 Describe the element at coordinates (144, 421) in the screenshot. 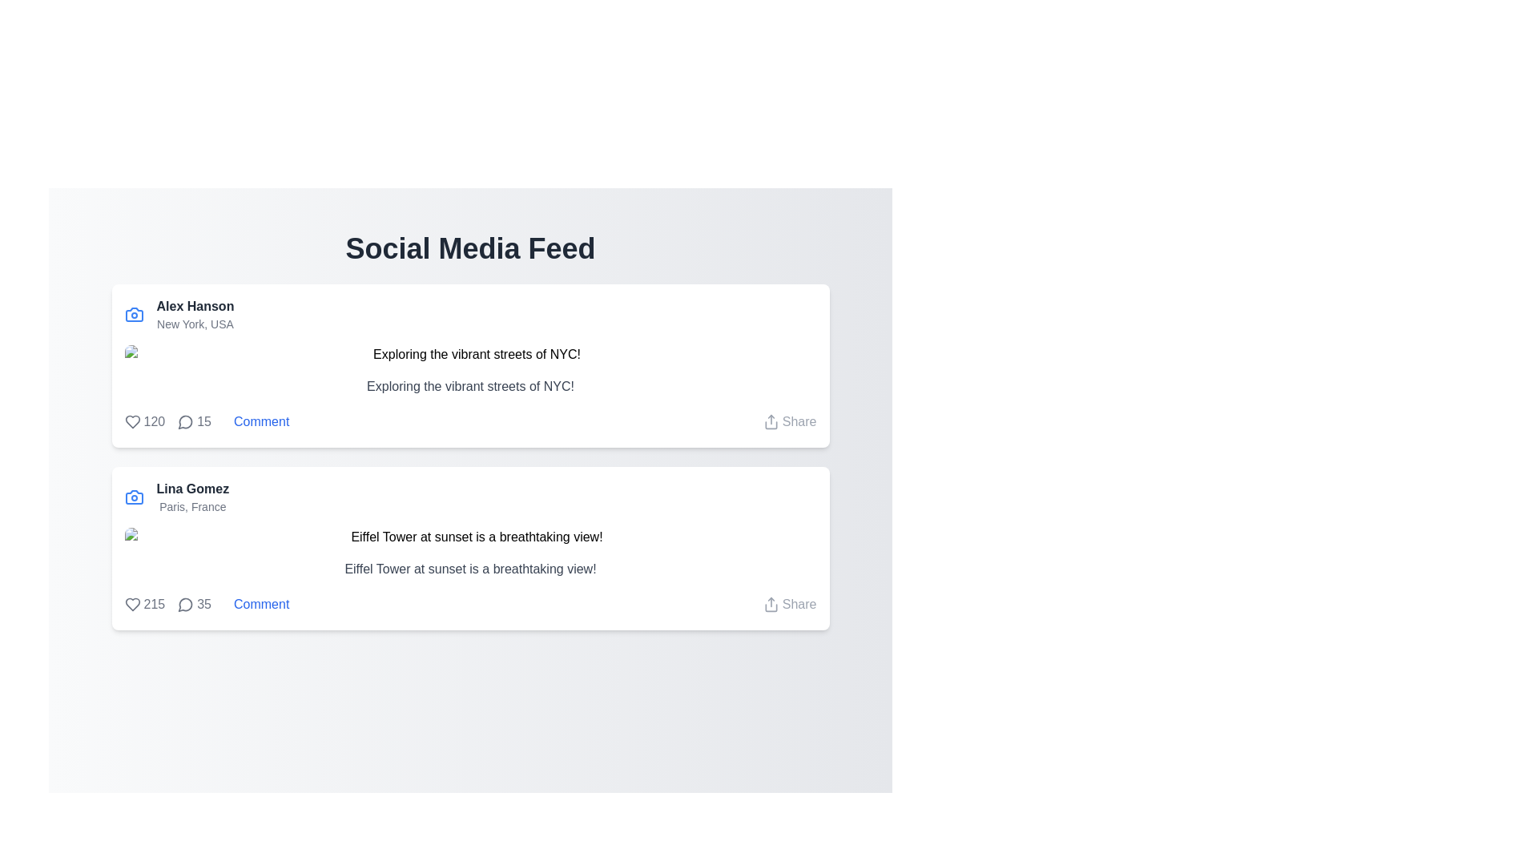

I see `the static text display showing the number of likes for the post by user 'Alex Hanson', located immediately to the right of the heart icon` at that location.